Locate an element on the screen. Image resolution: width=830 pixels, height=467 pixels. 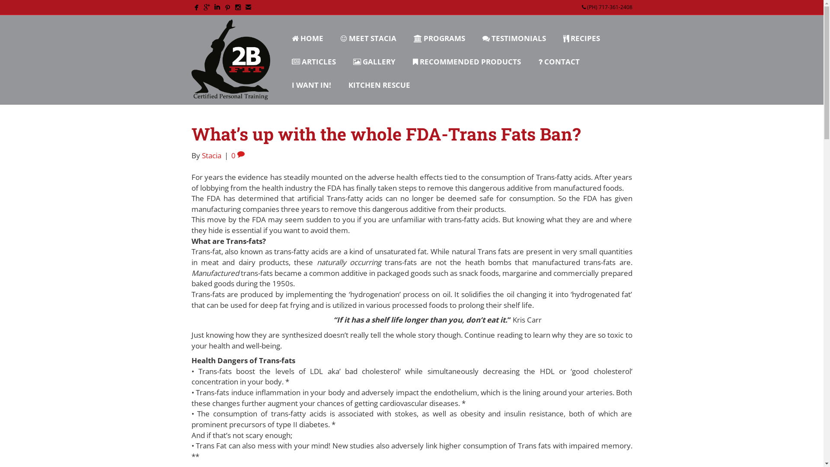
'CONTACT' is located at coordinates (529, 59).